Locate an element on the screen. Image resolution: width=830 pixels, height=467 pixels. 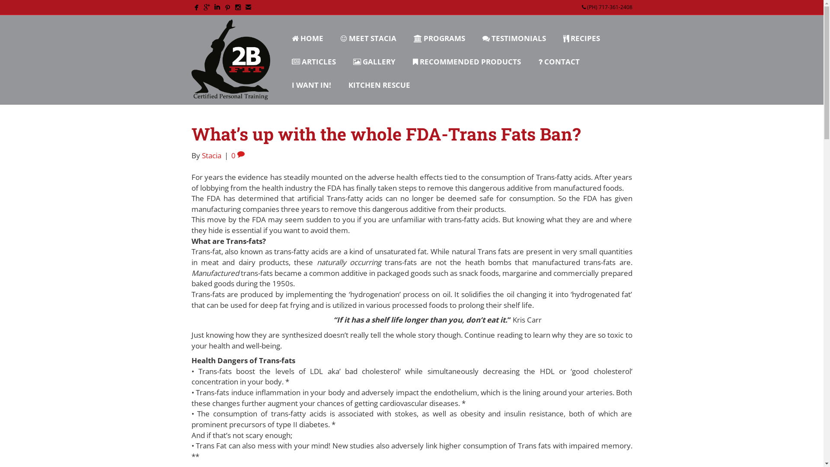
'CONTACT' is located at coordinates (529, 59).